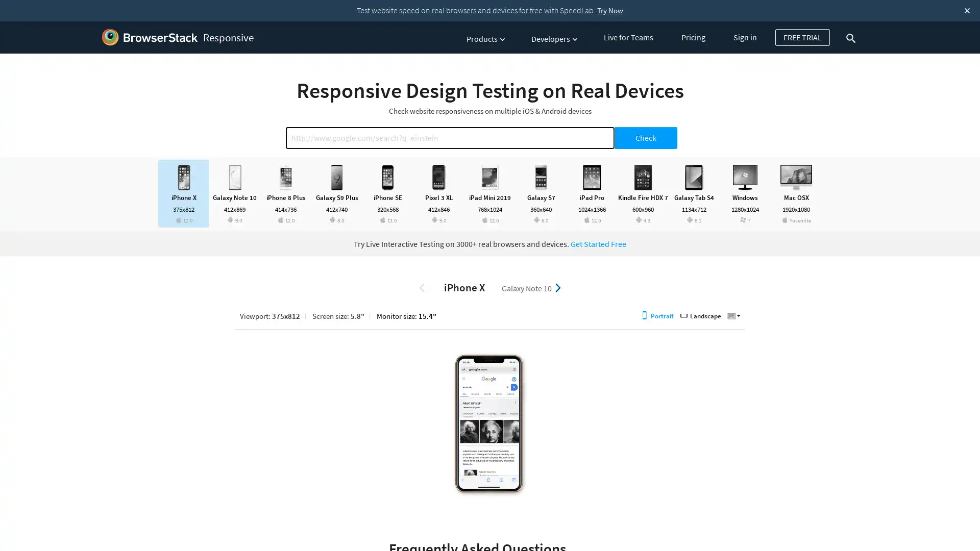  I want to click on Search, so click(853, 38).